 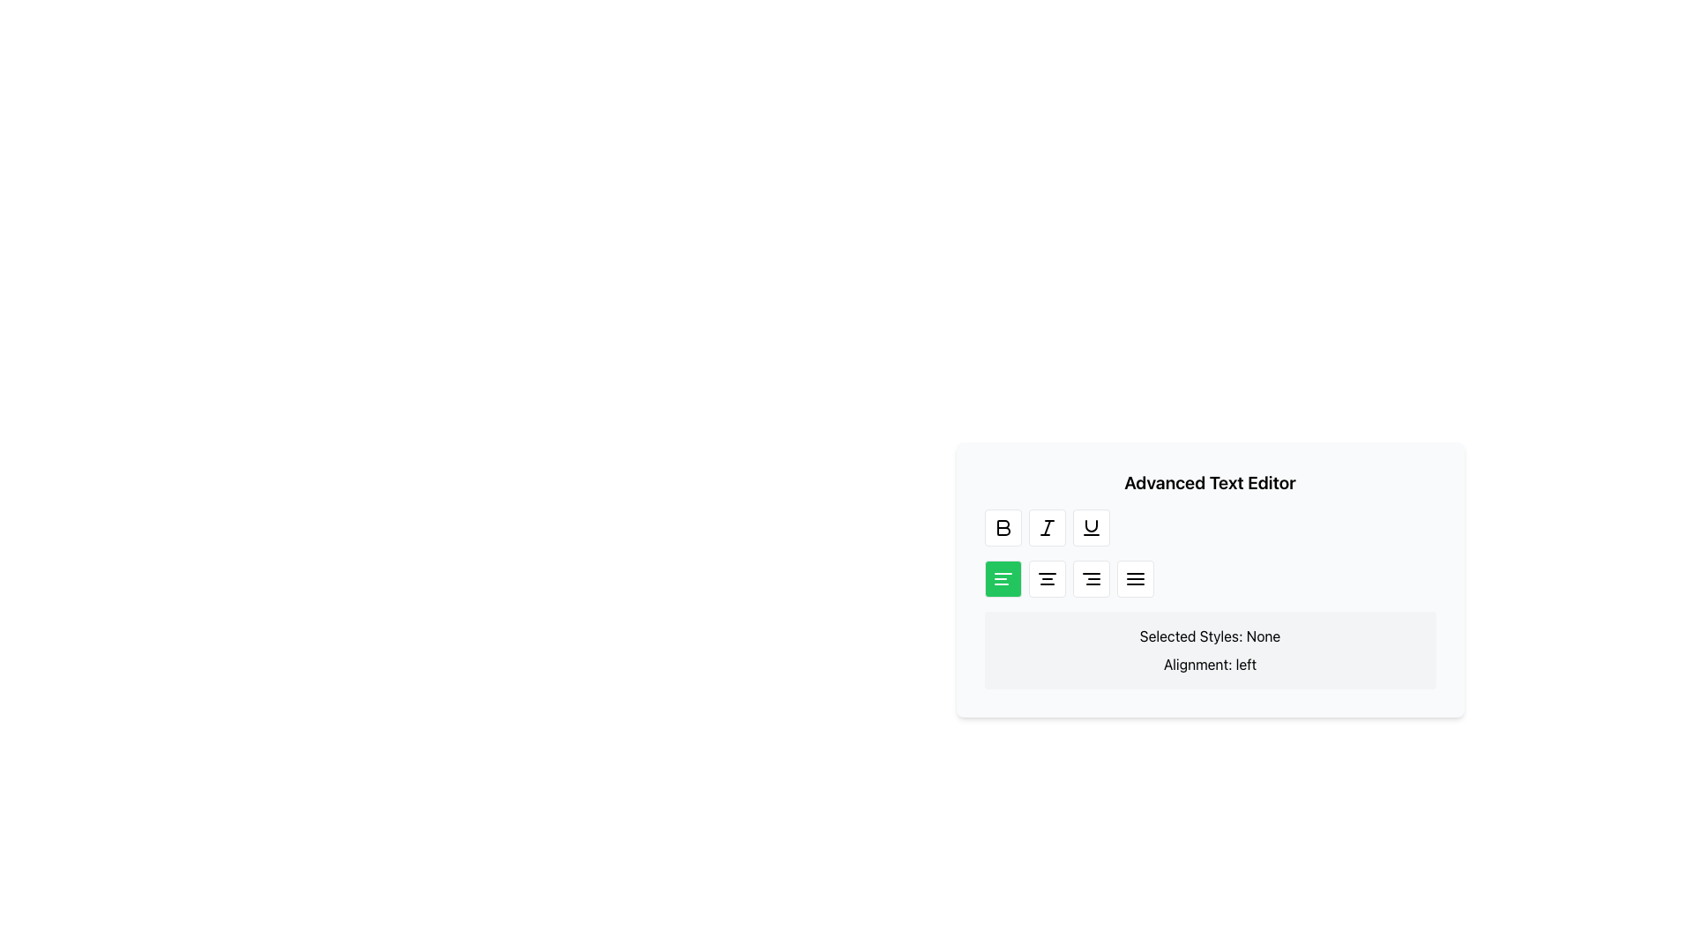 I want to click on the alignment button in the 'Advanced Text Editor', so click(x=1135, y=578).